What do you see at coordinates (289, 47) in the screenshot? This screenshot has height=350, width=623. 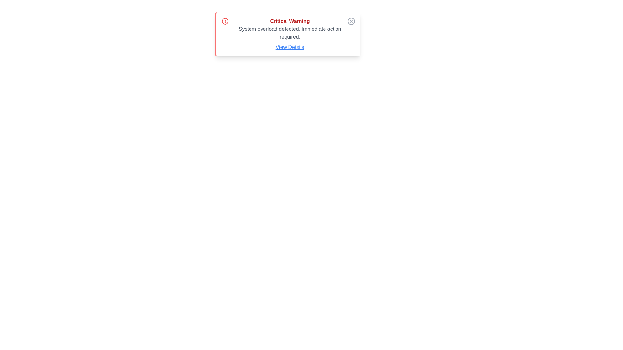 I see `the hyperlink located at the bottom of the critical warning box` at bounding box center [289, 47].